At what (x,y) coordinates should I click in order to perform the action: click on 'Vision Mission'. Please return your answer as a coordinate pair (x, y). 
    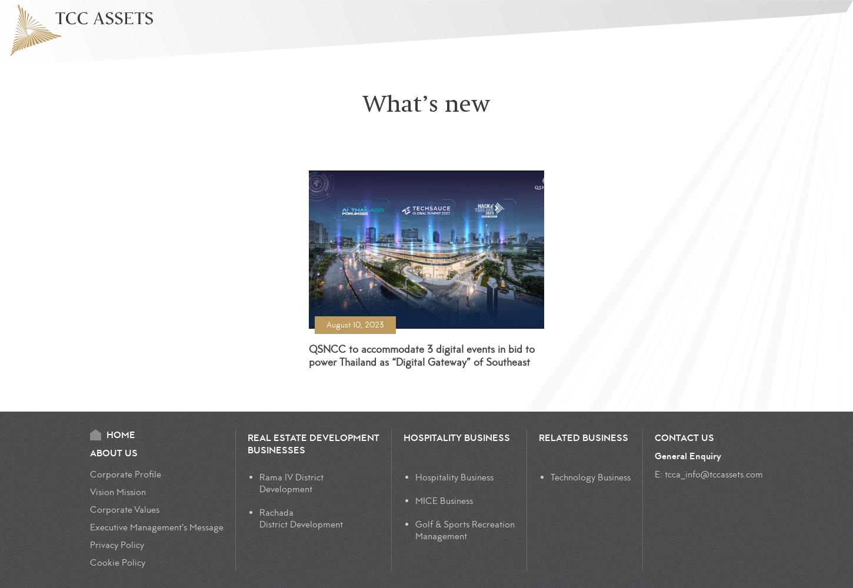
    Looking at the image, I should click on (117, 492).